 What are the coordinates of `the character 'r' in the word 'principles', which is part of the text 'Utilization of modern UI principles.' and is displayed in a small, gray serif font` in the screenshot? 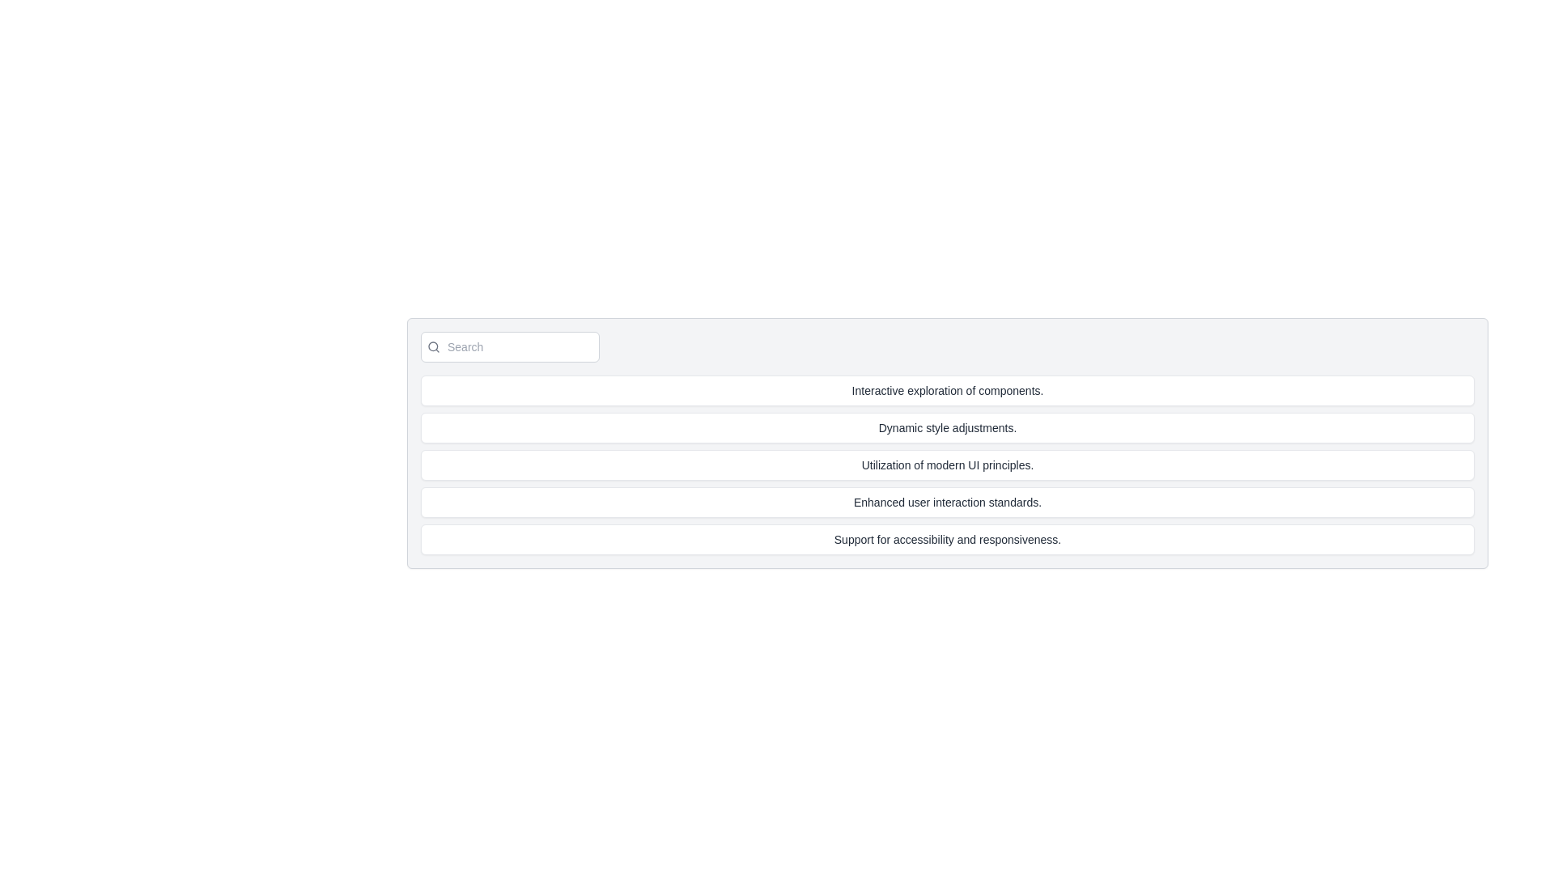 It's located at (990, 465).